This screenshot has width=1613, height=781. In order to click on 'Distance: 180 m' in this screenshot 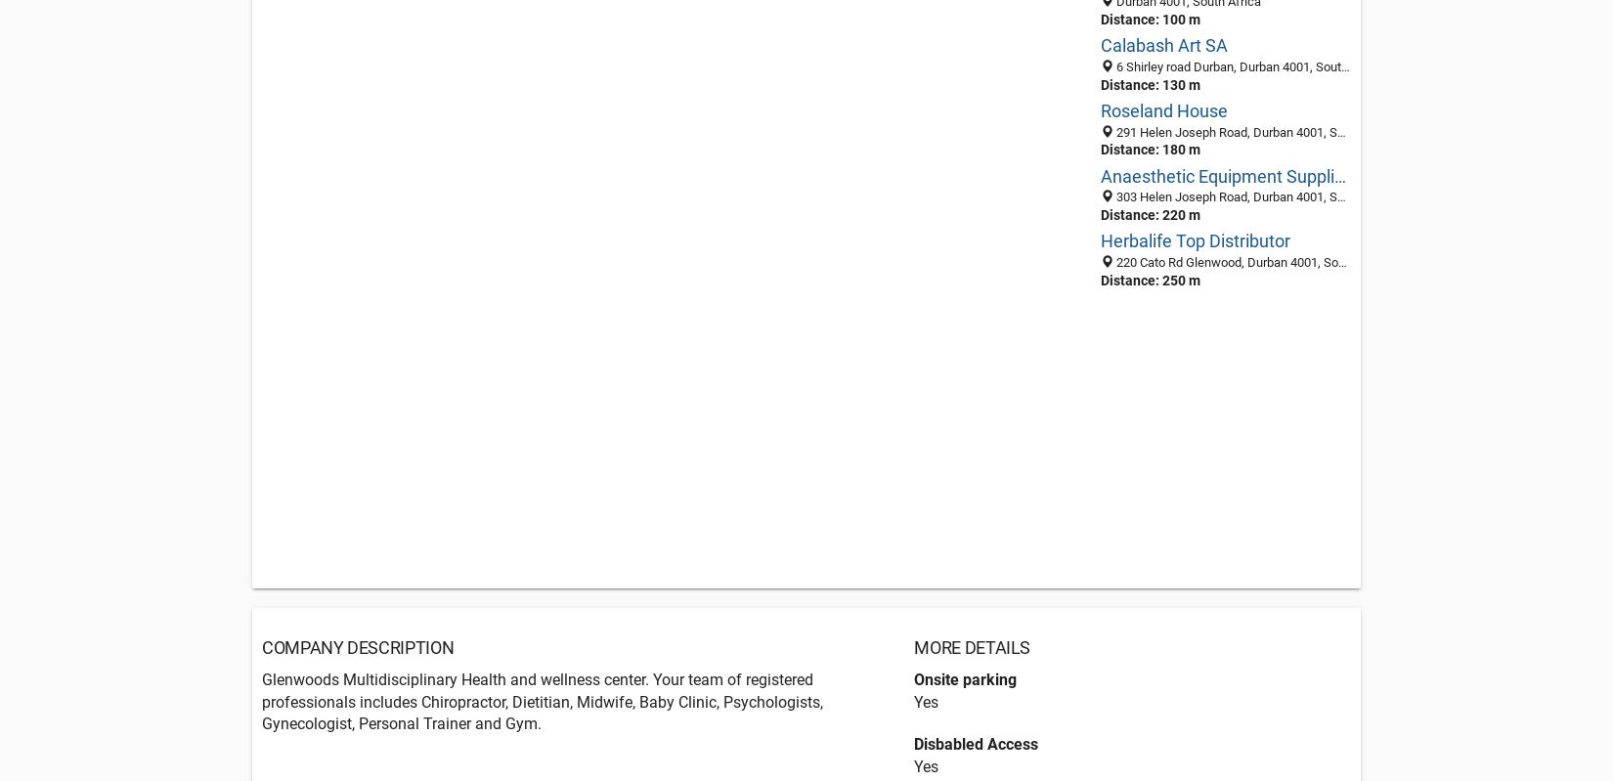, I will do `click(1149, 150)`.